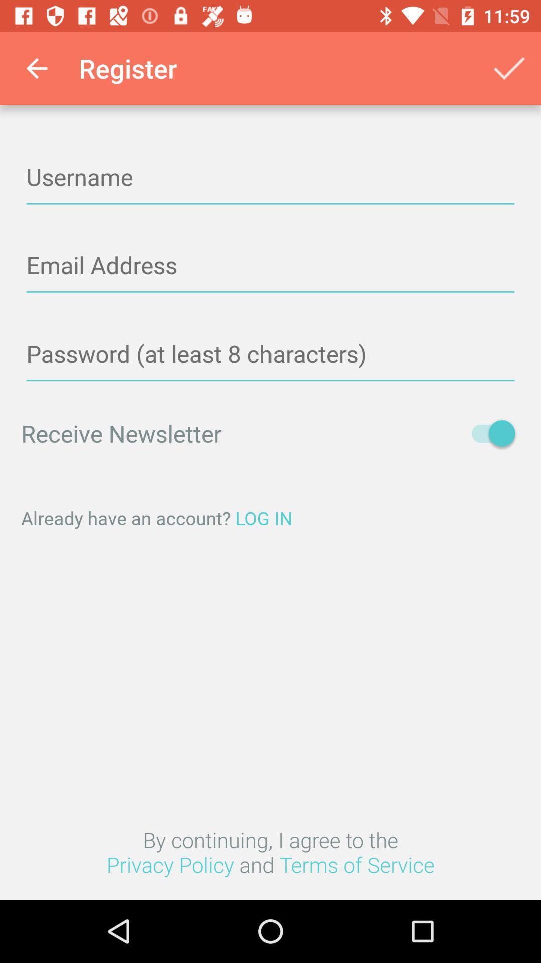 The image size is (541, 963). What do you see at coordinates (488, 433) in the screenshot?
I see `switch on to receive newsletter` at bounding box center [488, 433].